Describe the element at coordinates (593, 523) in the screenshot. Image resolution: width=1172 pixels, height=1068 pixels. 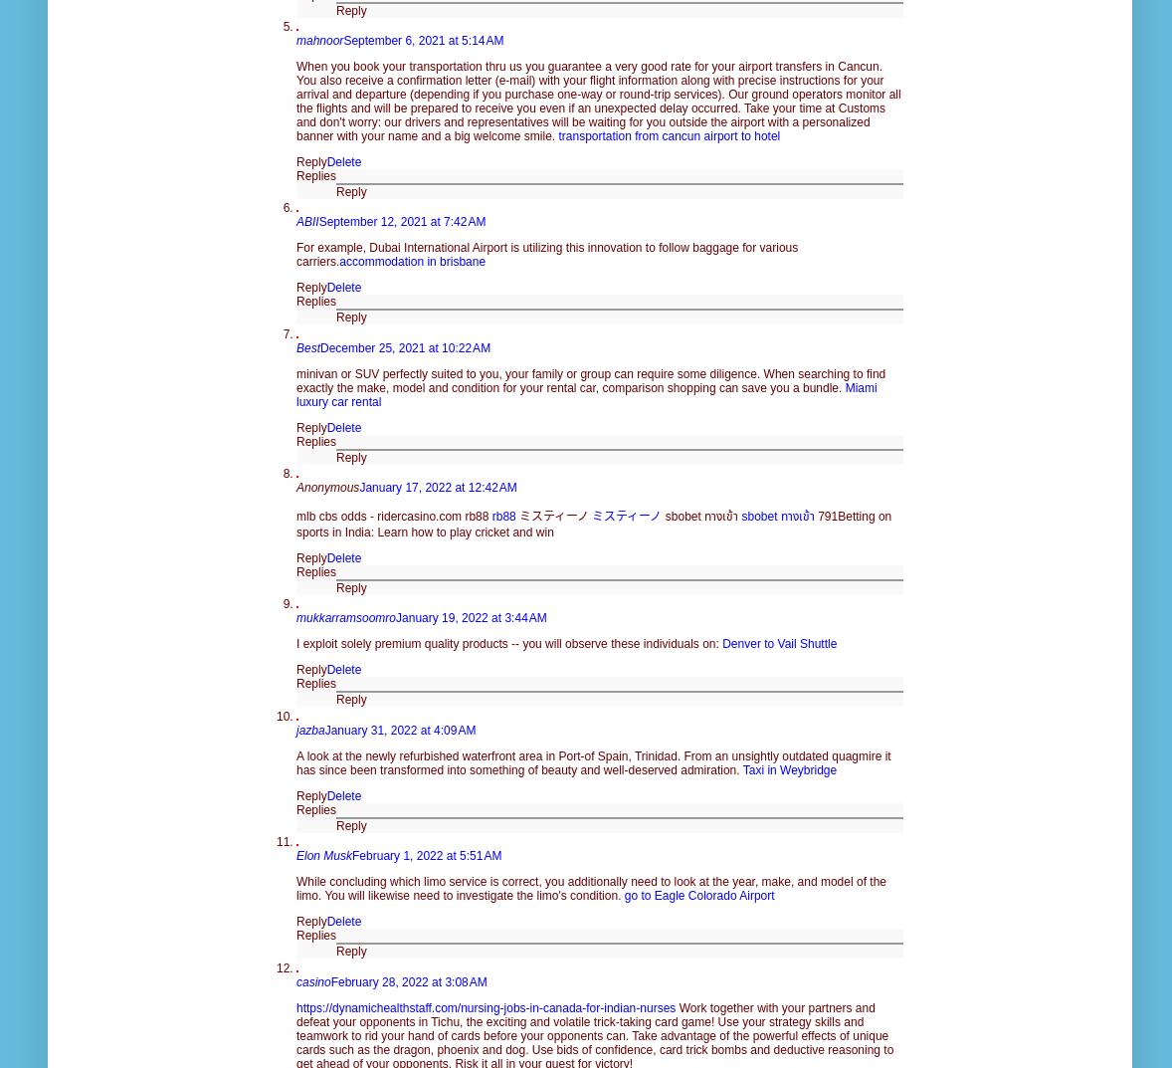
I see `'791Betting on sports in India: Learn how to play cricket and win'` at that location.